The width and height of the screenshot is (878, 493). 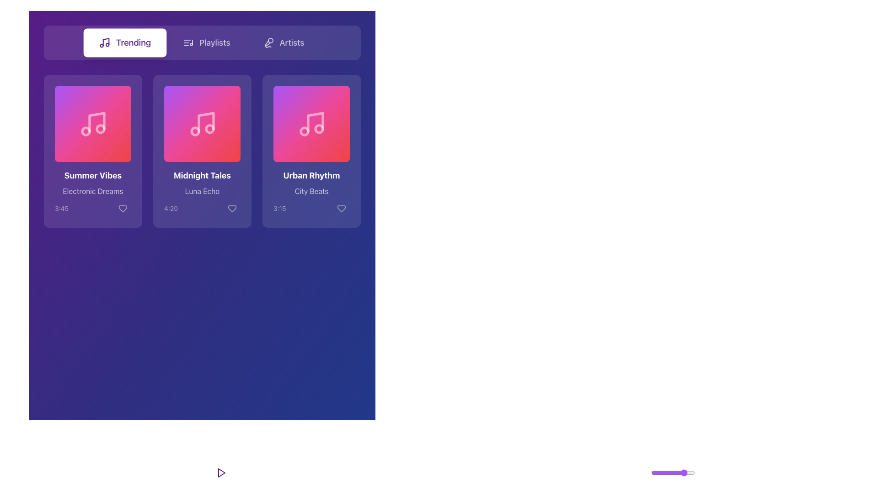 What do you see at coordinates (669, 472) in the screenshot?
I see `the slider` at bounding box center [669, 472].